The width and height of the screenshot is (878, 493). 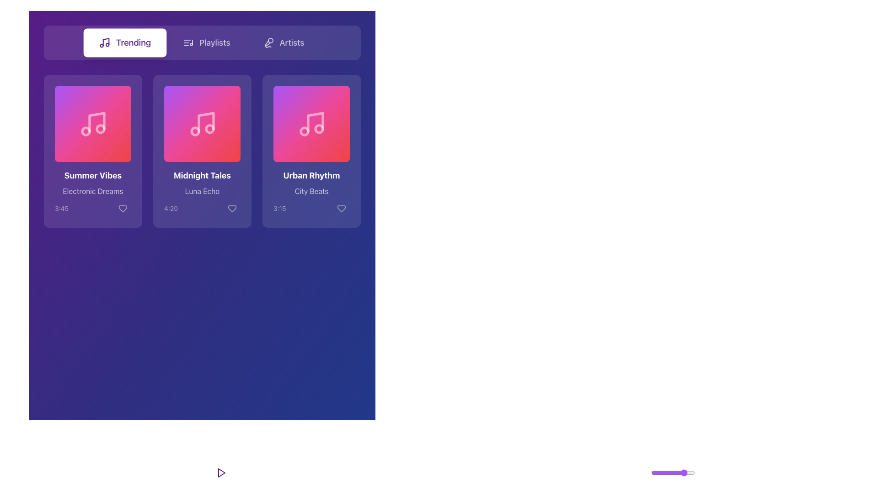 What do you see at coordinates (669, 472) in the screenshot?
I see `the slider` at bounding box center [669, 472].